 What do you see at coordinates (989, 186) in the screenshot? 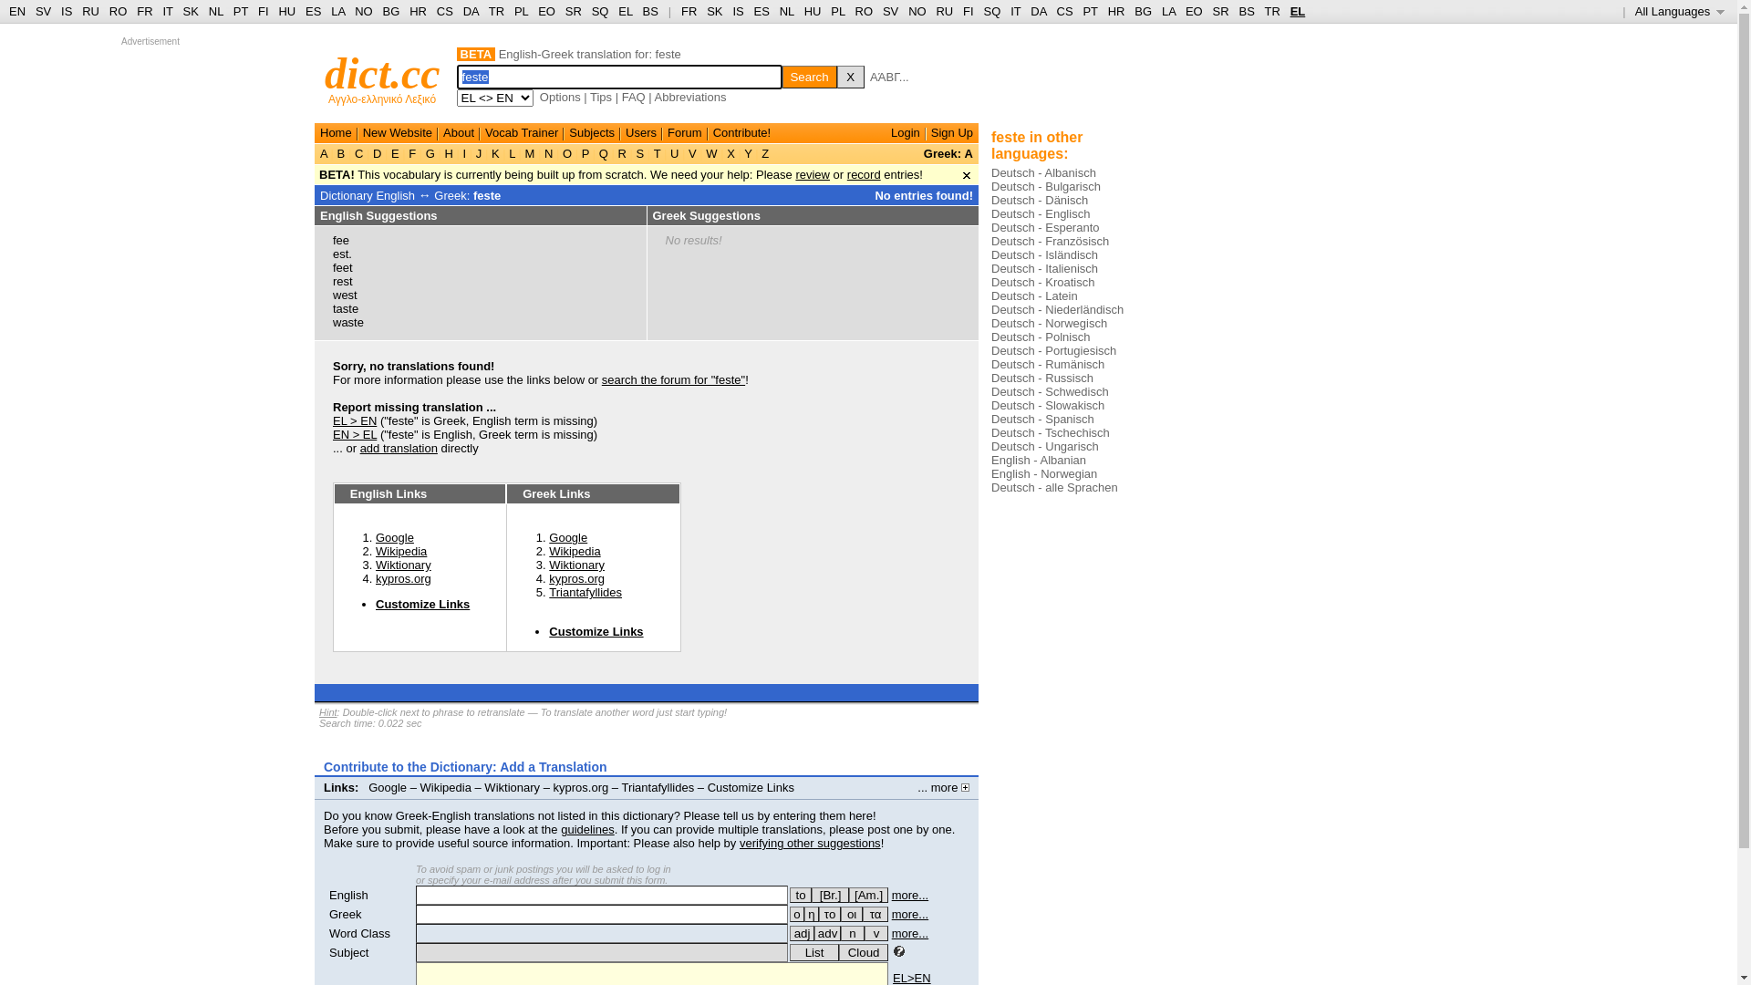
I see `'Deutsch - Bulgarisch'` at bounding box center [989, 186].